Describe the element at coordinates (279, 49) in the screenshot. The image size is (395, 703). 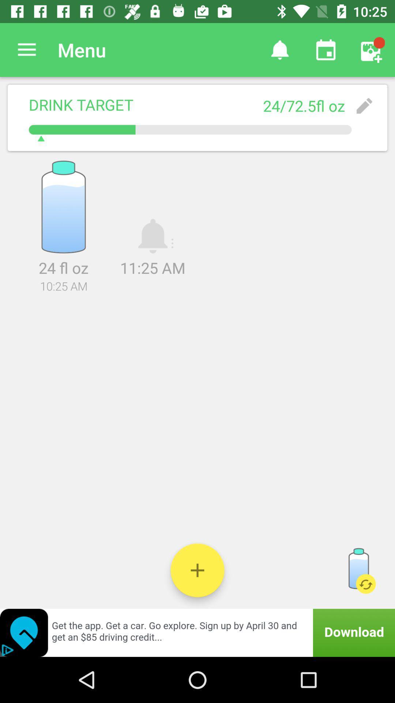
I see `item above the 24 72 5fl icon` at that location.